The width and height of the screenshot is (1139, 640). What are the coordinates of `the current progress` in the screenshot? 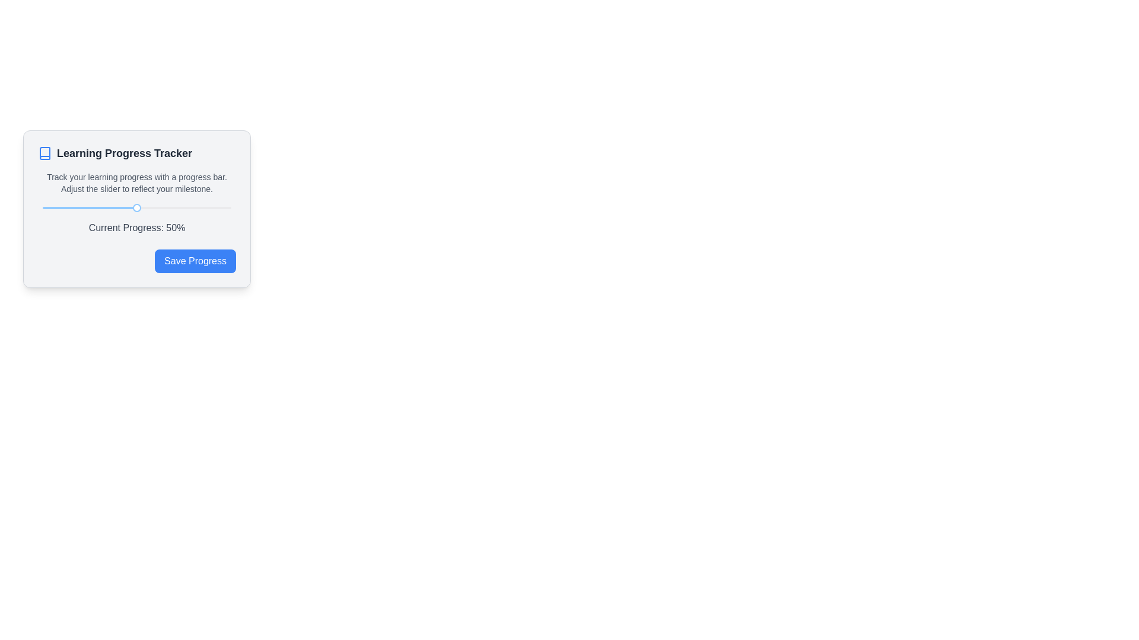 It's located at (85, 207).